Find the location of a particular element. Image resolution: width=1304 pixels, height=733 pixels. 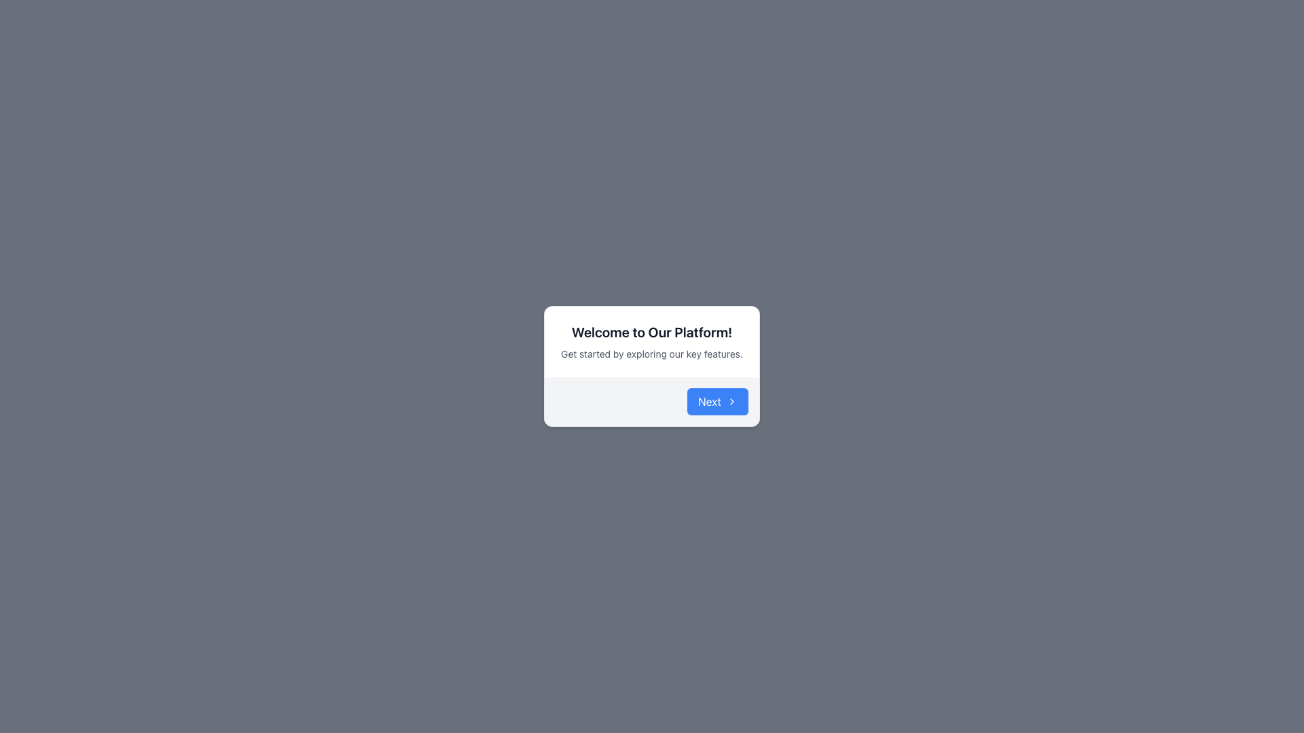

the text block that contains the title 'Welcome to Our Platform!' and the subtitle 'Get started by exploring our key features.' is located at coordinates (652, 341).